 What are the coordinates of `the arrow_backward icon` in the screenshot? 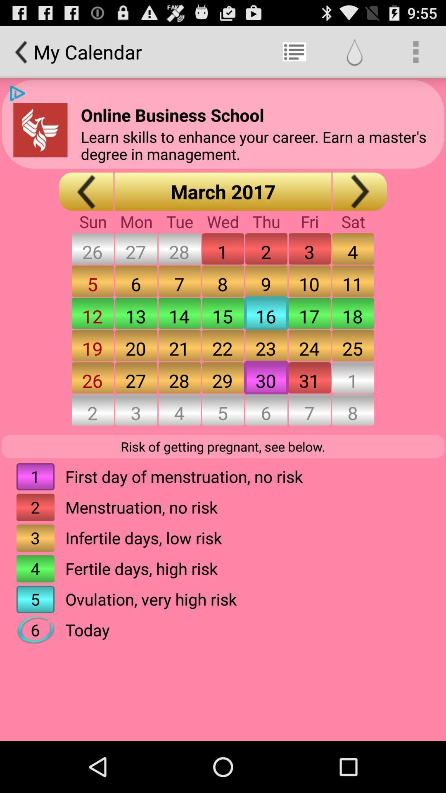 It's located at (40, 139).